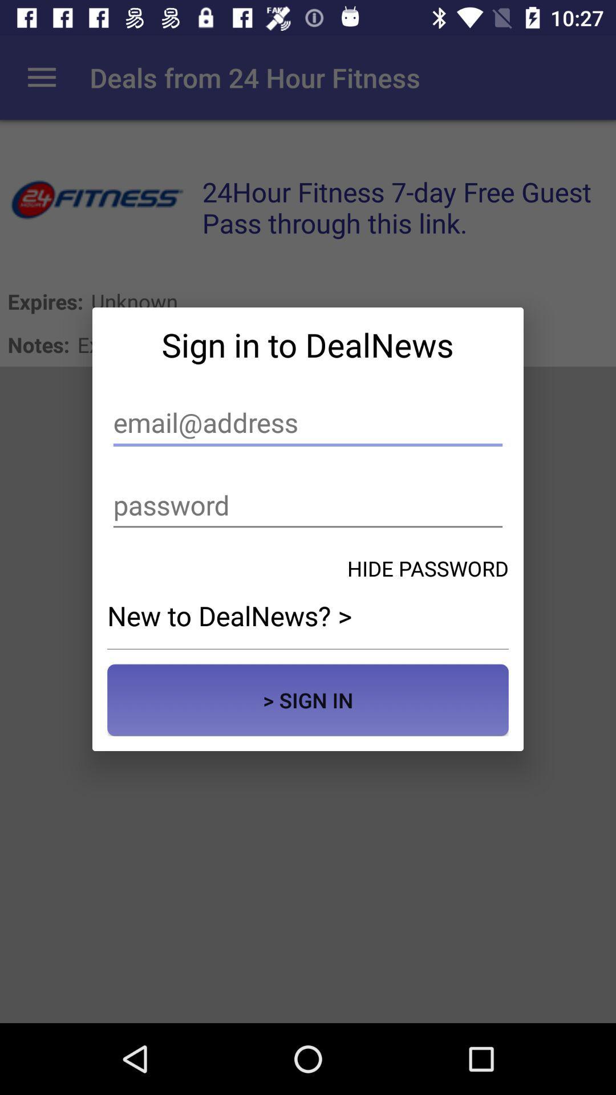 This screenshot has width=616, height=1095. I want to click on item above hide password item, so click(308, 505).